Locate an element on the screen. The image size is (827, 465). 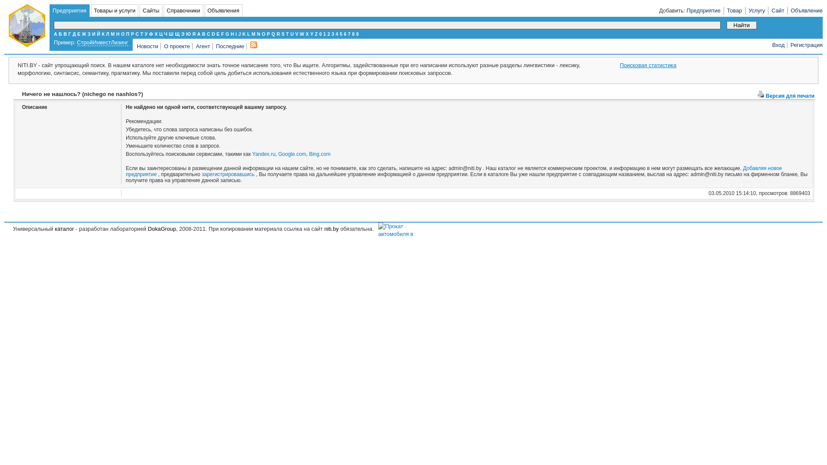
'DokaGroup' is located at coordinates (162, 228).